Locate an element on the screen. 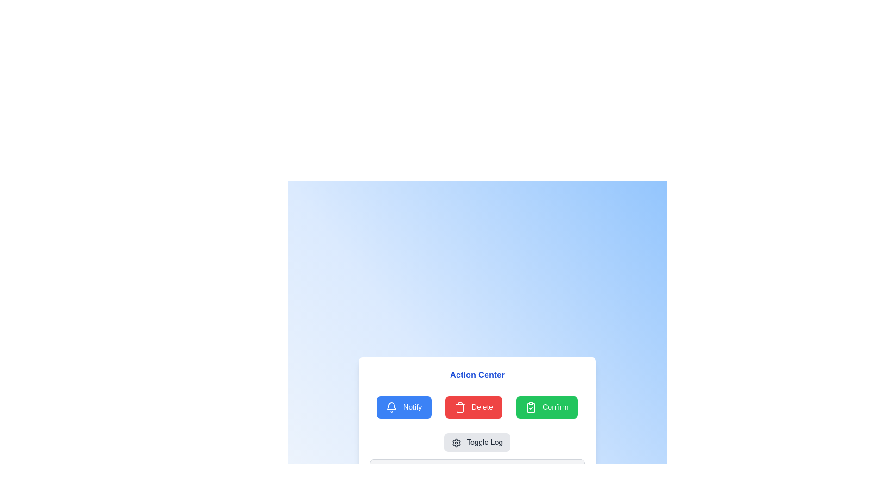 The image size is (889, 500). the trash bin icon within the 'Delete' button is located at coordinates (460, 406).